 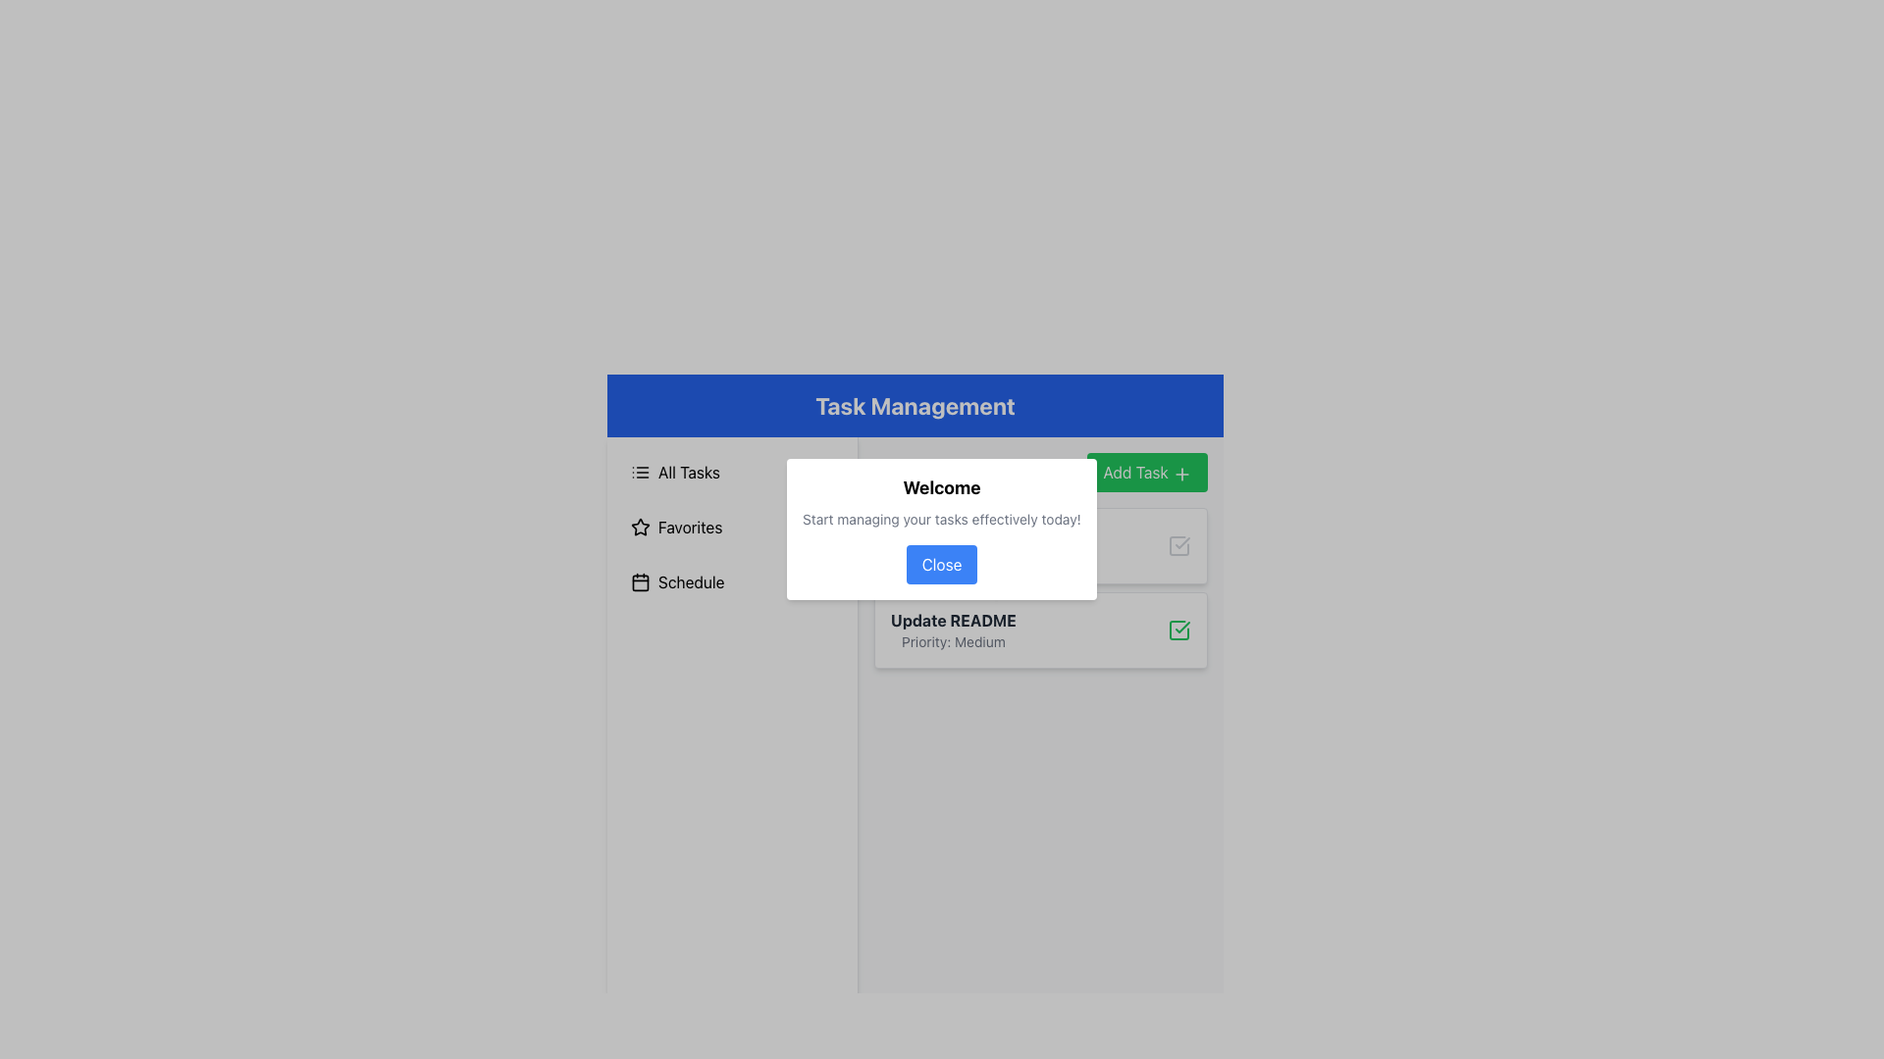 What do you see at coordinates (942, 529) in the screenshot?
I see `the modal dialog box that greets the user and encourages task management` at bounding box center [942, 529].